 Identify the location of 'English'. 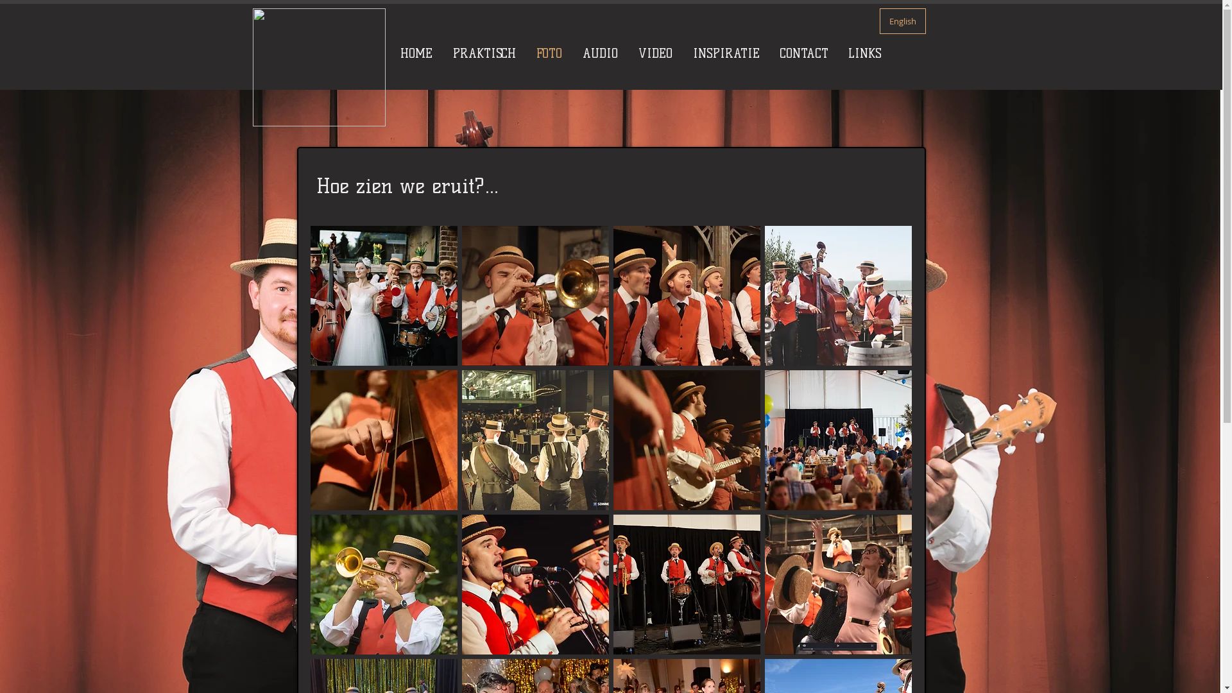
(902, 21).